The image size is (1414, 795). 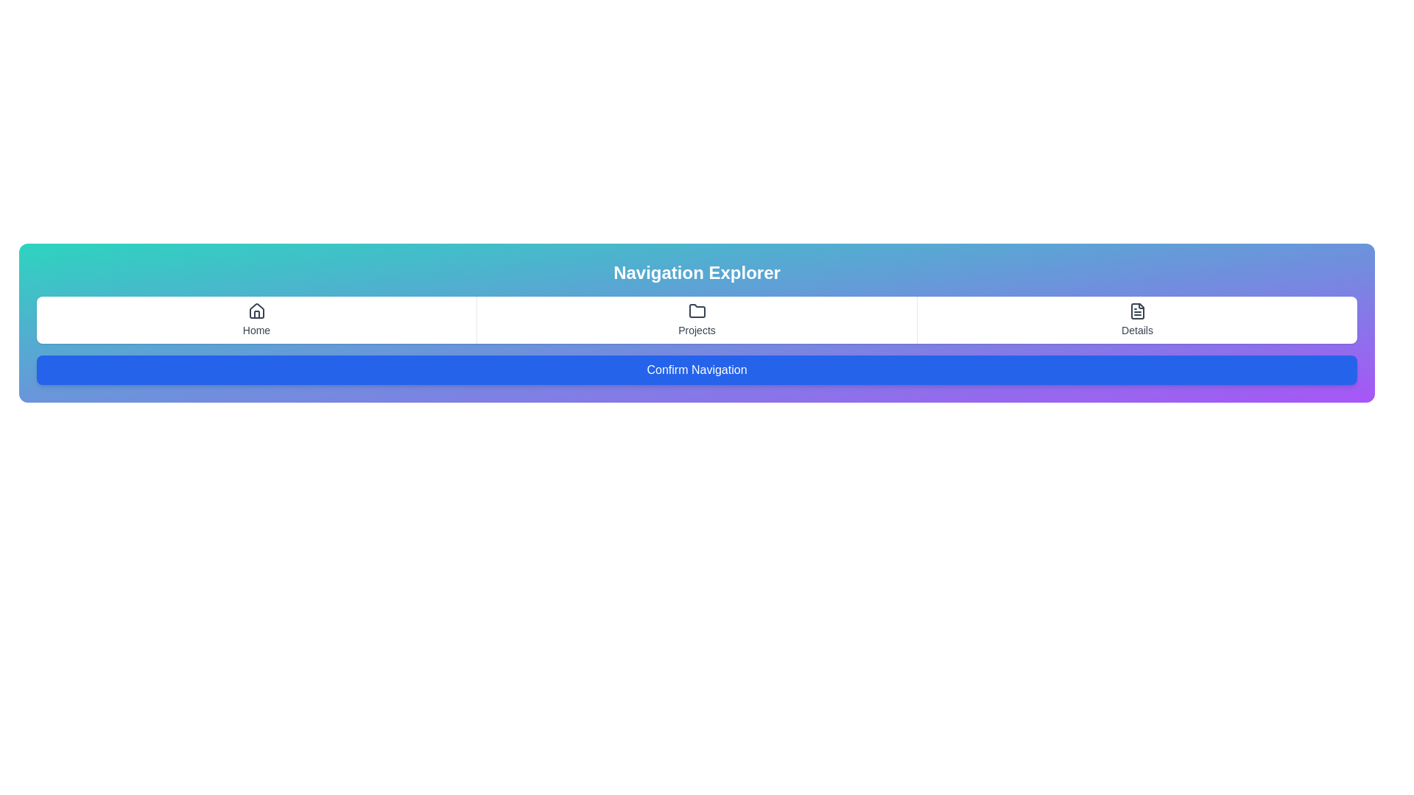 What do you see at coordinates (256, 329) in the screenshot?
I see `the 'Home' text link, which is displayed in a small, gray font and is positioned directly below the house icon in the navigation menu` at bounding box center [256, 329].